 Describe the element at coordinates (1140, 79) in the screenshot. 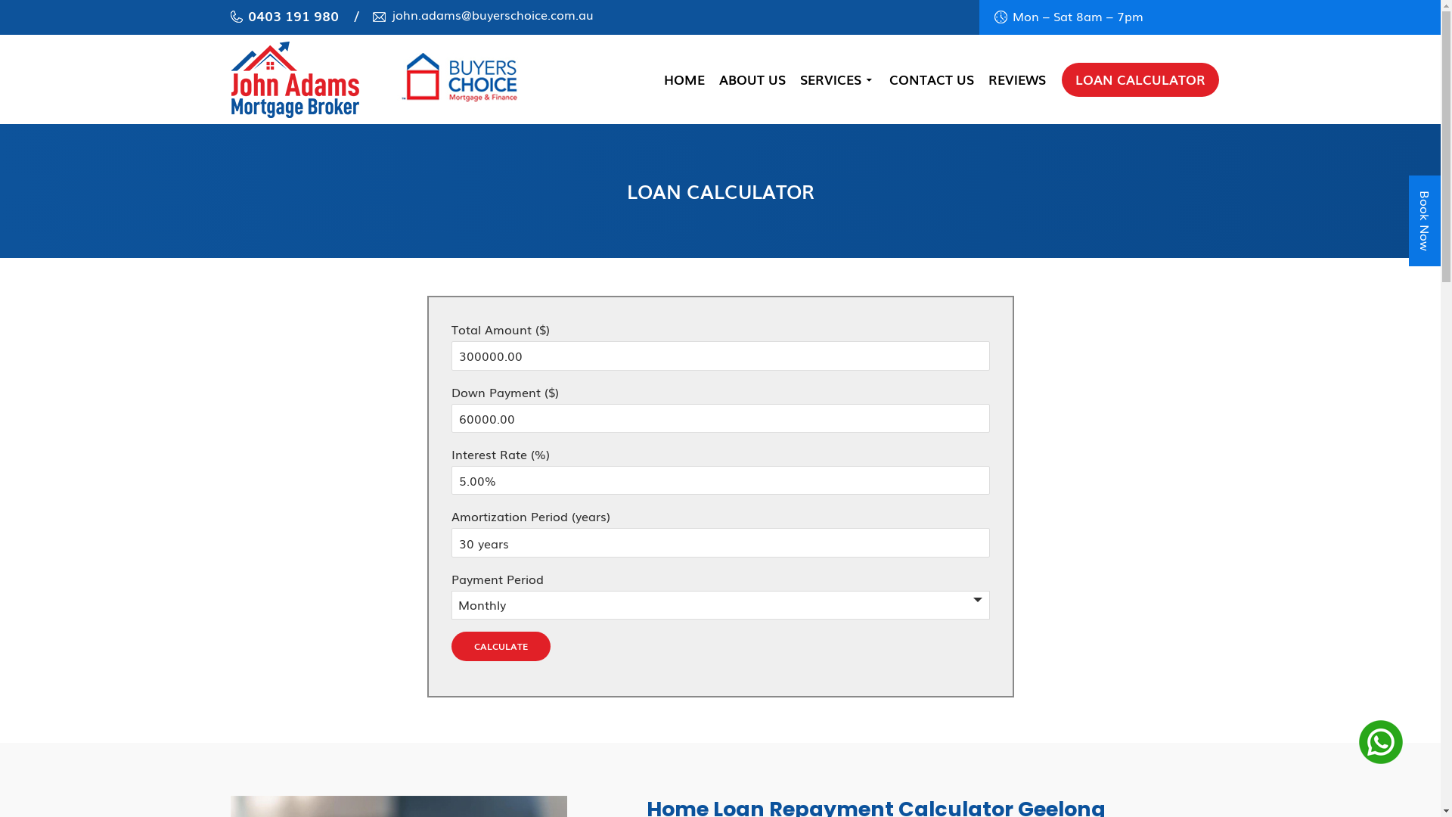

I see `'LOAN CALCULATOR'` at that location.